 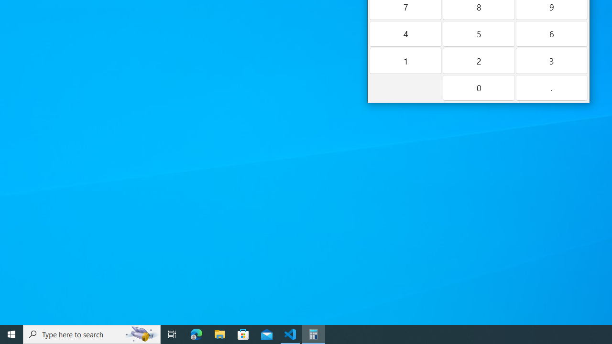 I want to click on 'Calculator - 1 running window', so click(x=314, y=333).